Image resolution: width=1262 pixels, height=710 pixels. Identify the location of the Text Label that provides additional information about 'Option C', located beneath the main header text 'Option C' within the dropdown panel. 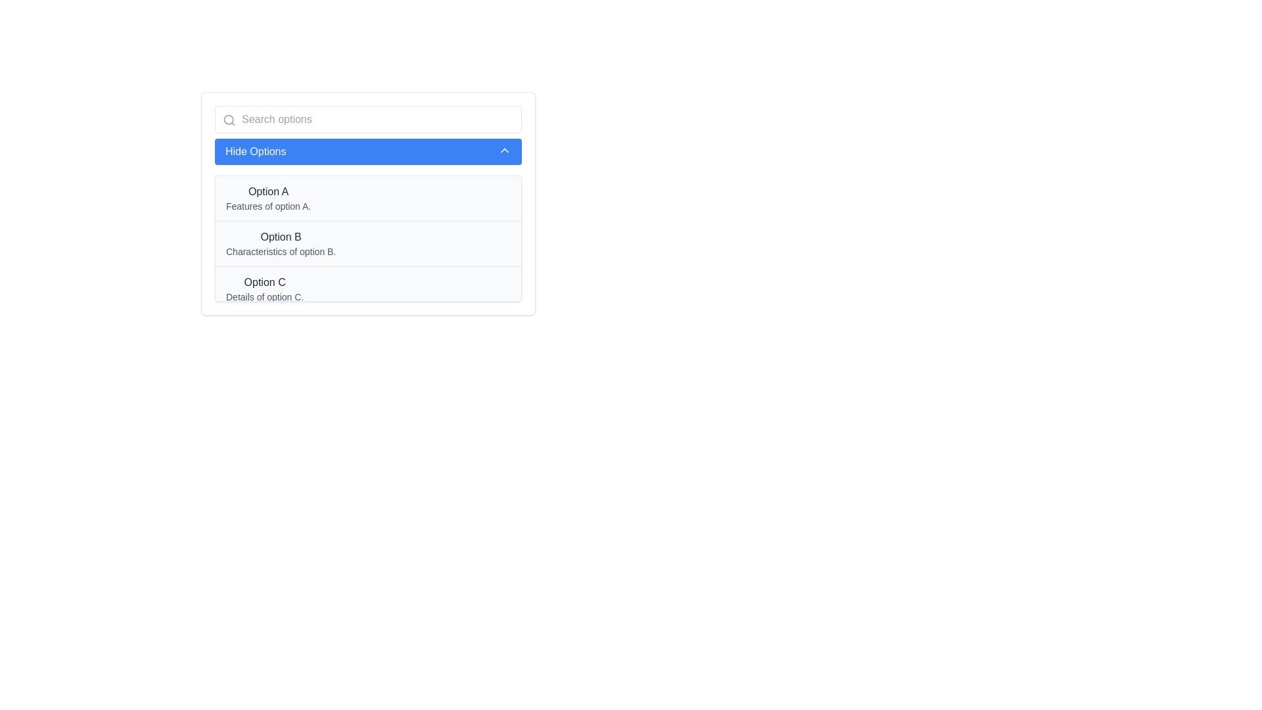
(264, 296).